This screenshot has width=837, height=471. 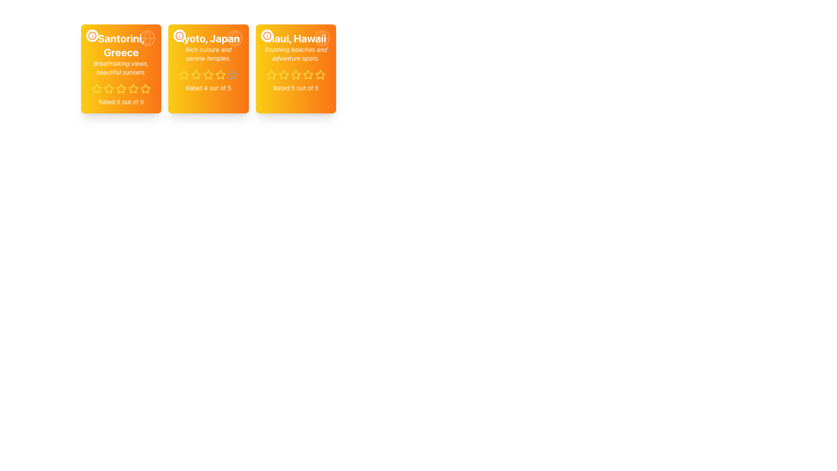 I want to click on the fourth rating star indicating a score of 4 out of 5 for Kyoto, Japan, located within the rating icons of the respective card, so click(x=208, y=75).